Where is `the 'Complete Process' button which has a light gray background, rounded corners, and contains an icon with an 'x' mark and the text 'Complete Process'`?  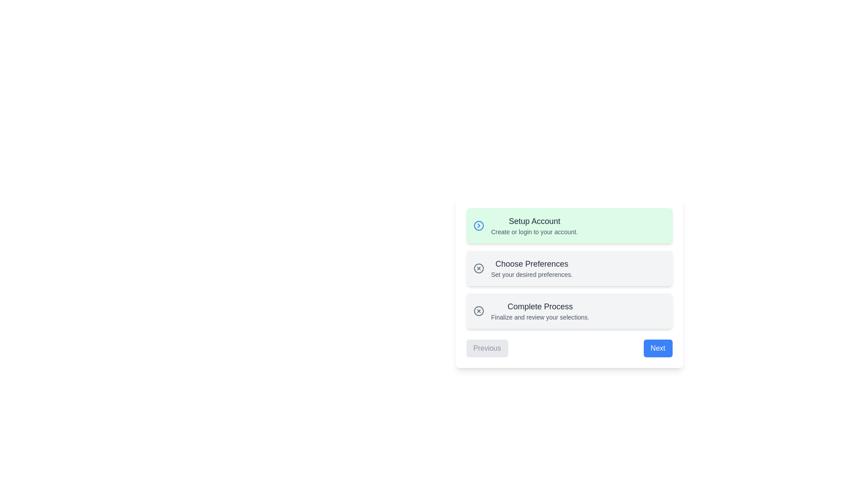
the 'Complete Process' button which has a light gray background, rounded corners, and contains an icon with an 'x' mark and the text 'Complete Process' is located at coordinates (569, 310).